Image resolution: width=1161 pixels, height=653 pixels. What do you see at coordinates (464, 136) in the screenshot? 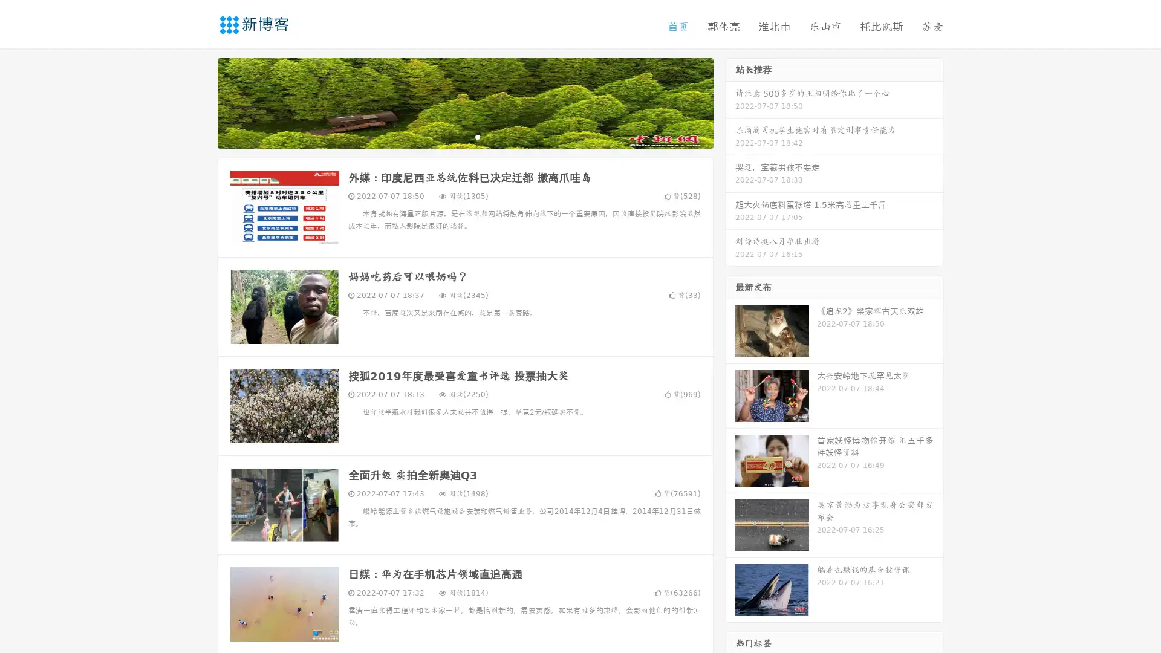
I see `Go to slide 2` at bounding box center [464, 136].